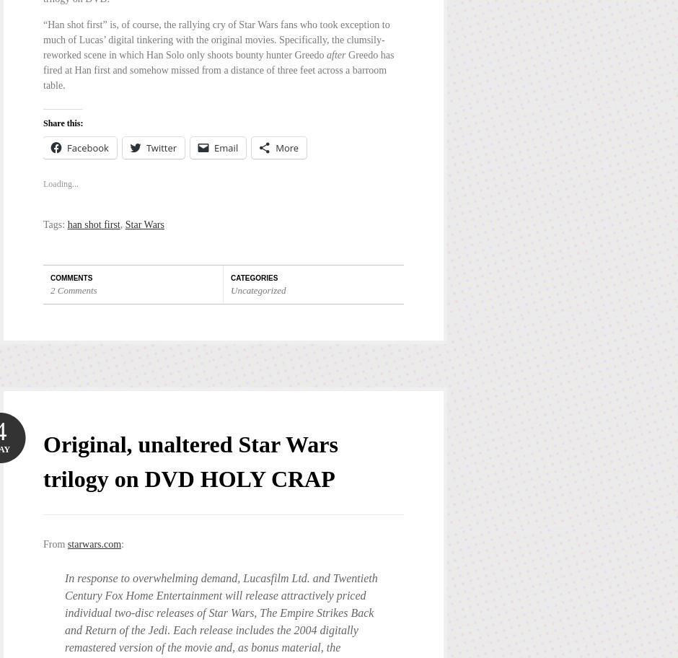  Describe the element at coordinates (144, 224) in the screenshot. I see `'Star Wars'` at that location.